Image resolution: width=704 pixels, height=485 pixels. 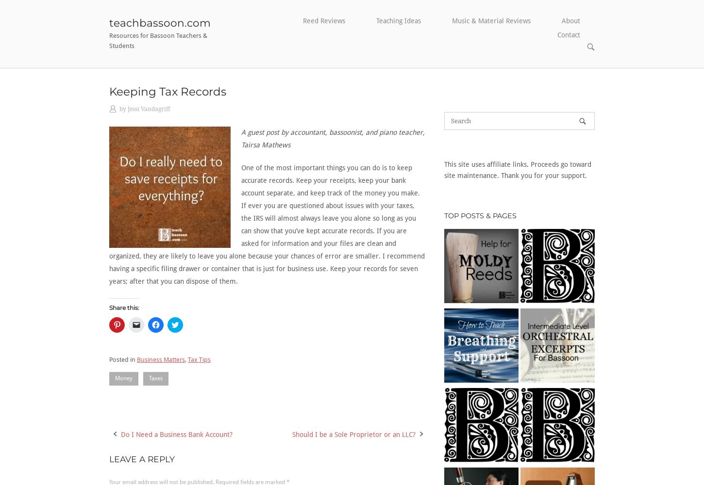 I want to click on 'Bassoon Basics', so click(x=363, y=40).